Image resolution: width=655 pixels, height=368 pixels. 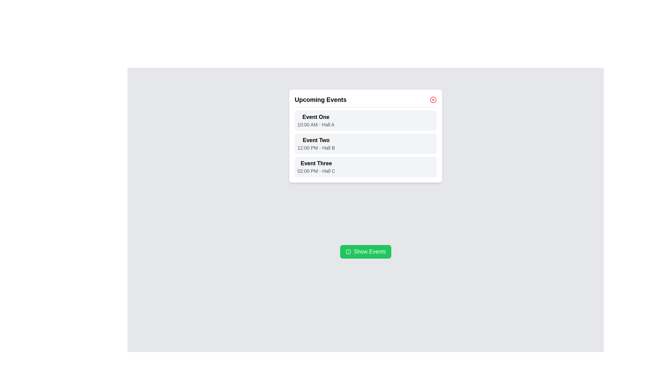 I want to click on information displayed in the formatted text block element titled 'Event Two', which contains the details '12:00 PM - Hall B', so click(x=316, y=143).